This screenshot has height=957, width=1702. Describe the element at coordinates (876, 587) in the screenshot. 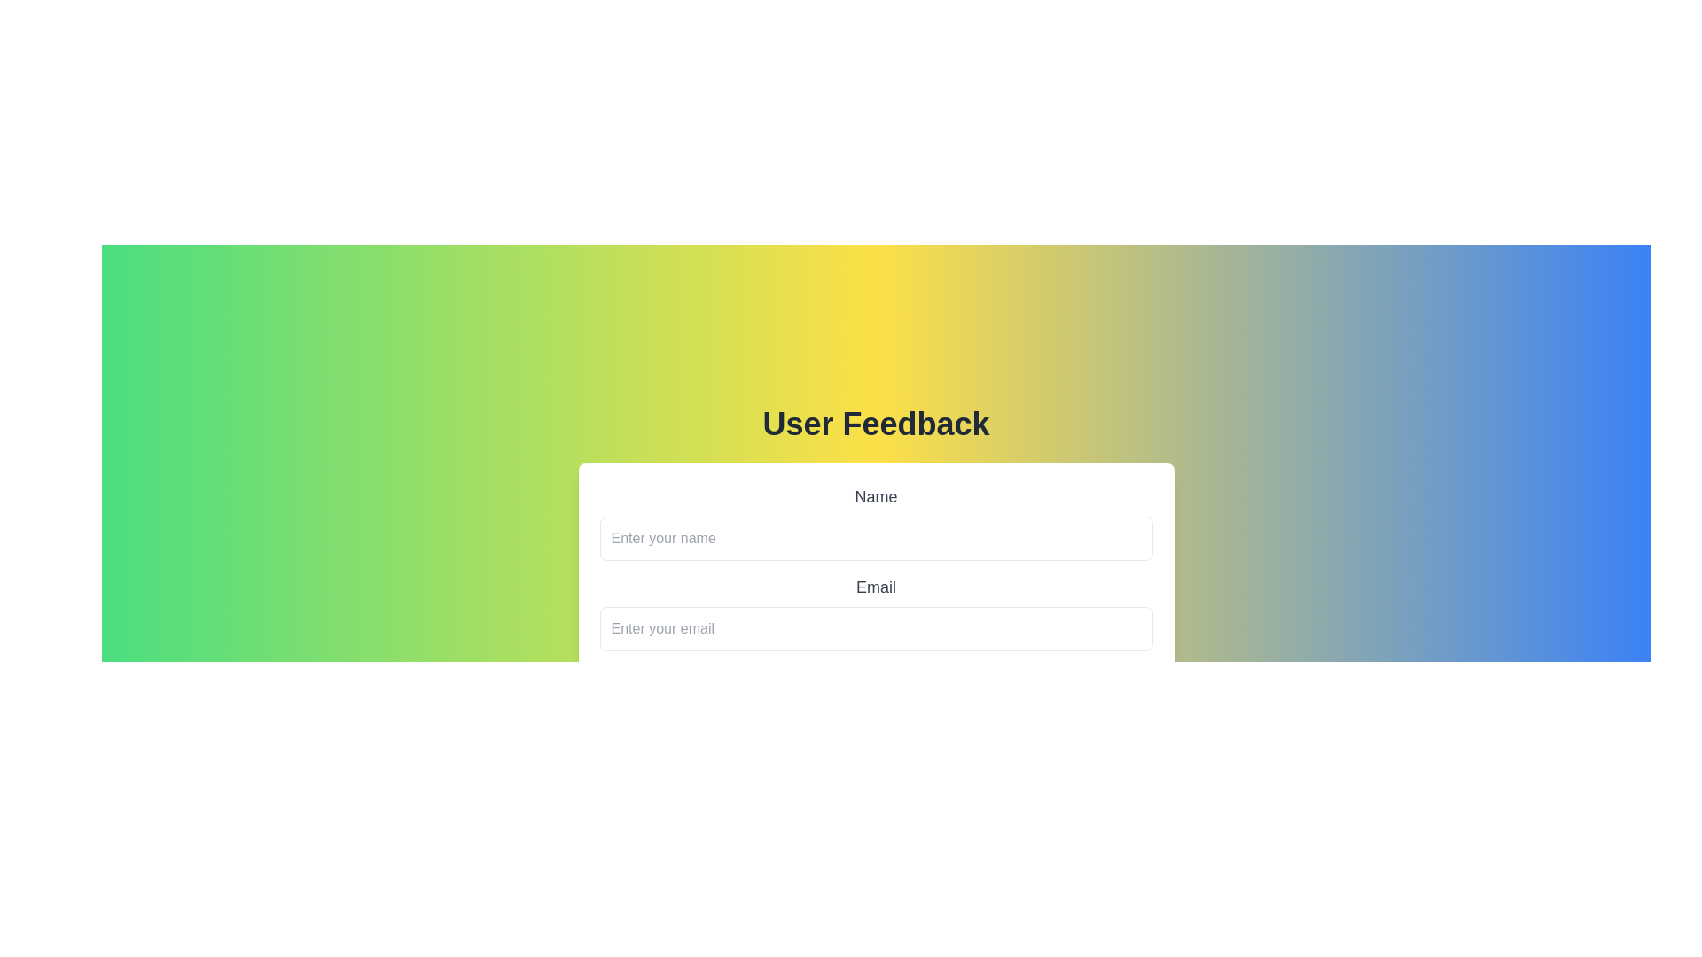

I see `the label indicating that the input field below is for providing an email address, located in the lower half of the 'User Feedback' form` at that location.